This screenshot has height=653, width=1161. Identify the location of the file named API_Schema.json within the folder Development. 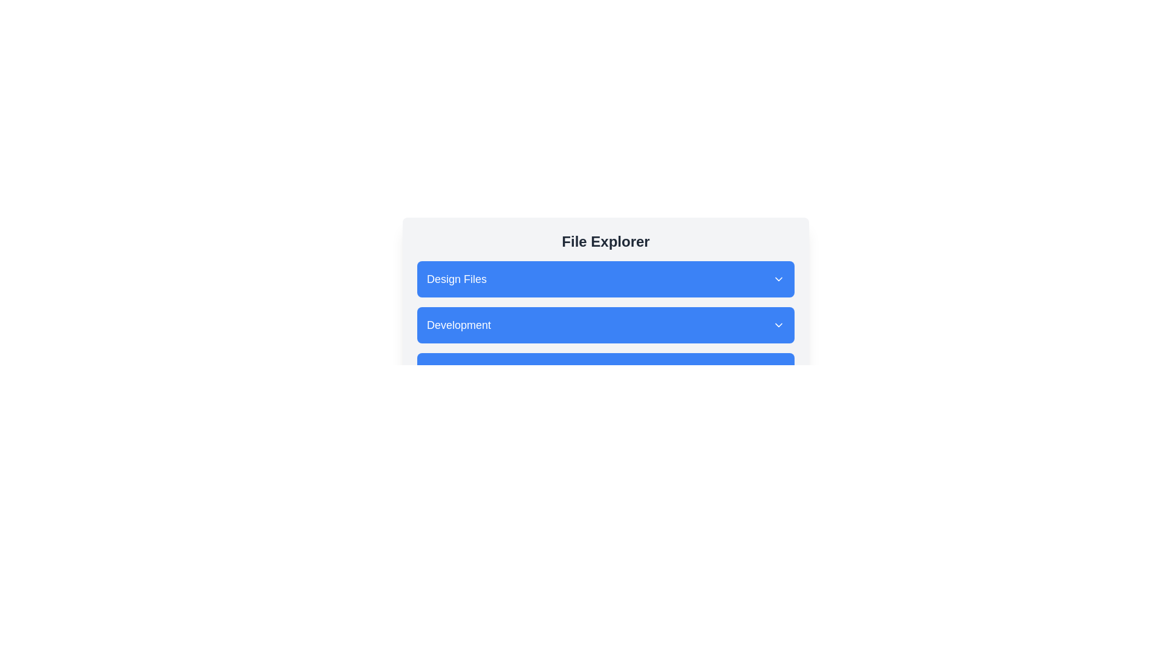
(606, 324).